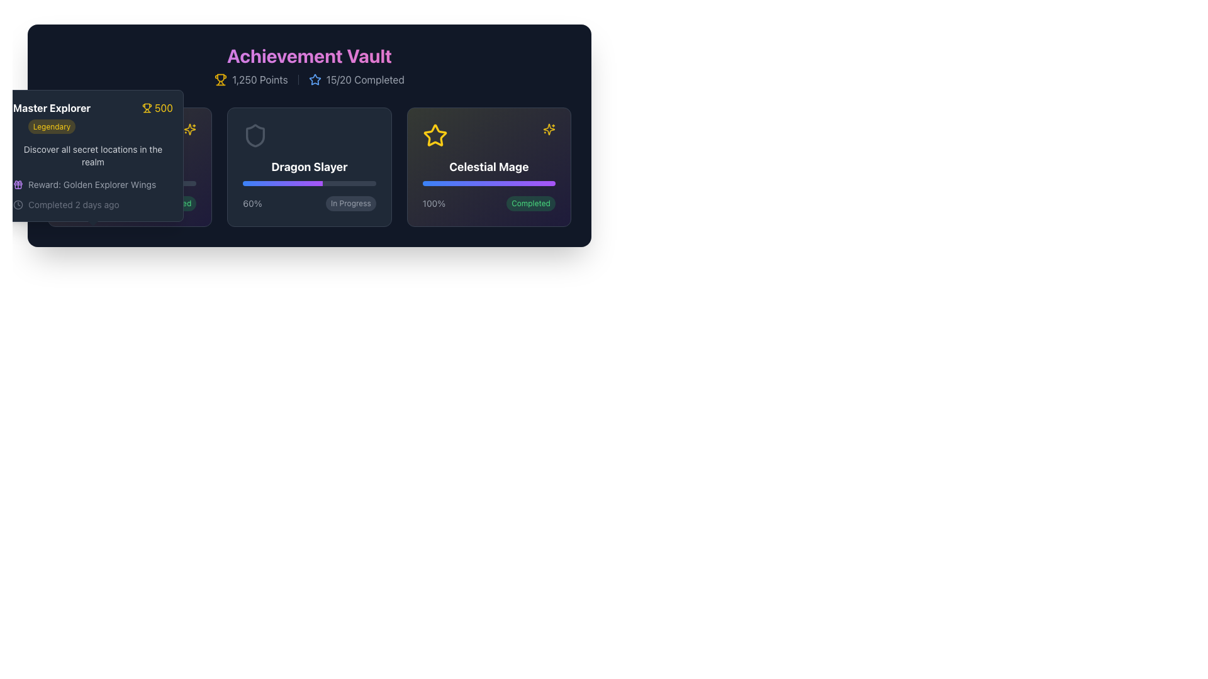 Image resolution: width=1208 pixels, height=679 pixels. I want to click on the 'Dragon Slayer' text label, so click(309, 167).